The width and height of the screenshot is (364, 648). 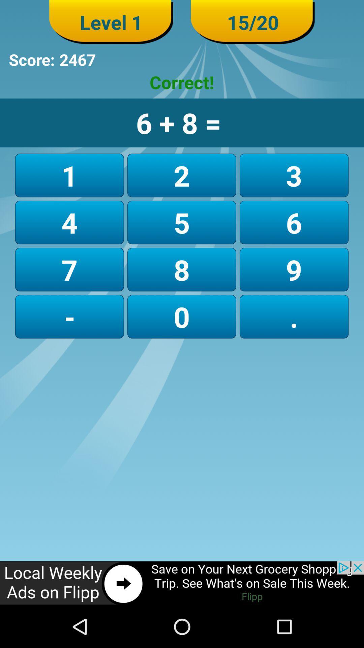 What do you see at coordinates (294, 175) in the screenshot?
I see `button next to the 2 icon` at bounding box center [294, 175].